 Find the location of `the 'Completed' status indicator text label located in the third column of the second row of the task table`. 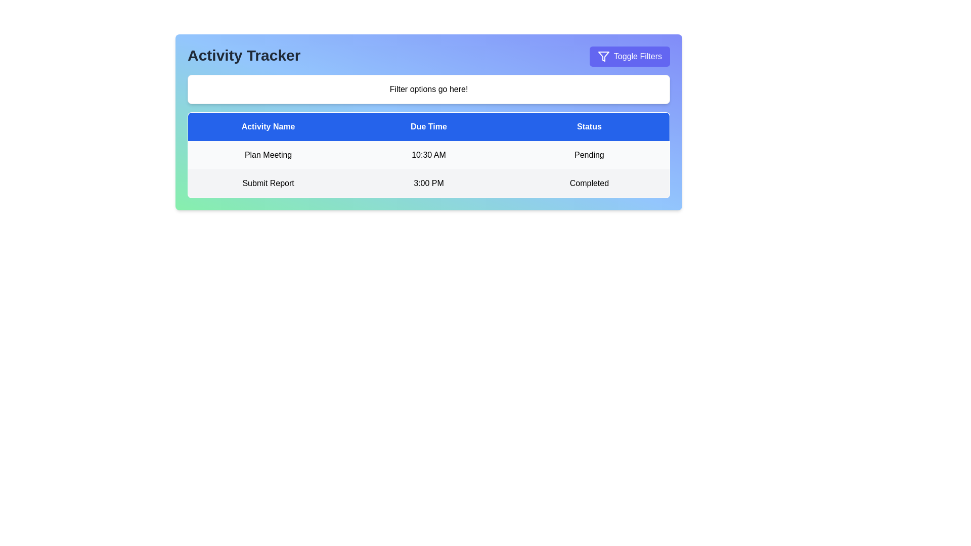

the 'Completed' status indicator text label located in the third column of the second row of the task table is located at coordinates (589, 184).